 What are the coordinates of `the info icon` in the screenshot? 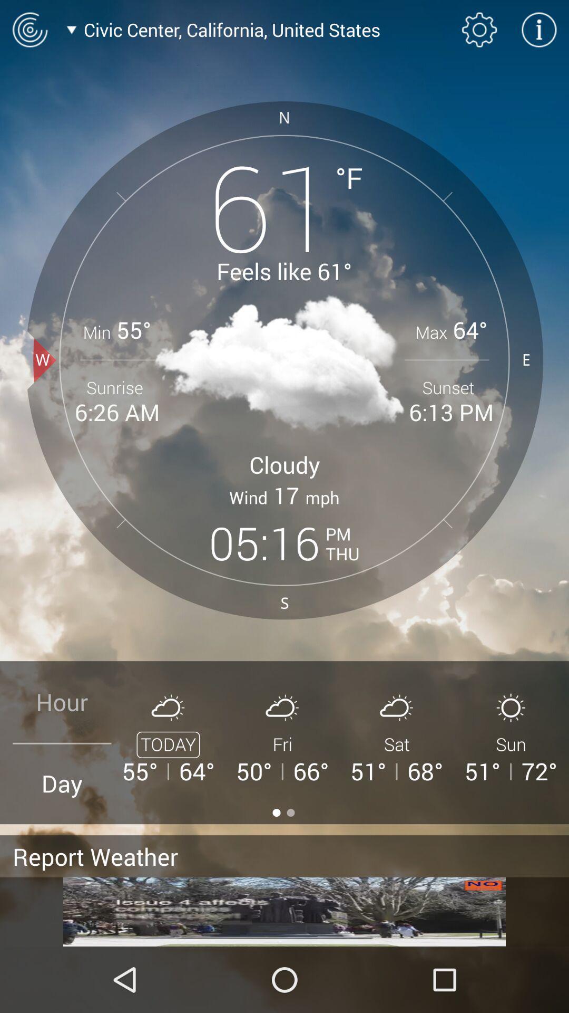 It's located at (539, 30).